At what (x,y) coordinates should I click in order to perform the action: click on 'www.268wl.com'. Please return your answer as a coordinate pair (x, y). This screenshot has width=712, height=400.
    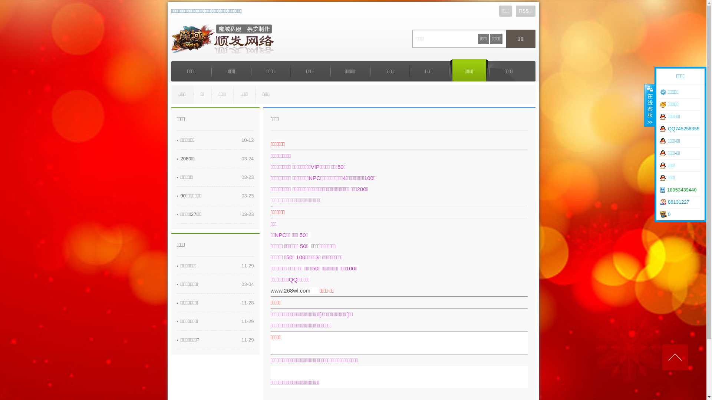
    Looking at the image, I should click on (290, 290).